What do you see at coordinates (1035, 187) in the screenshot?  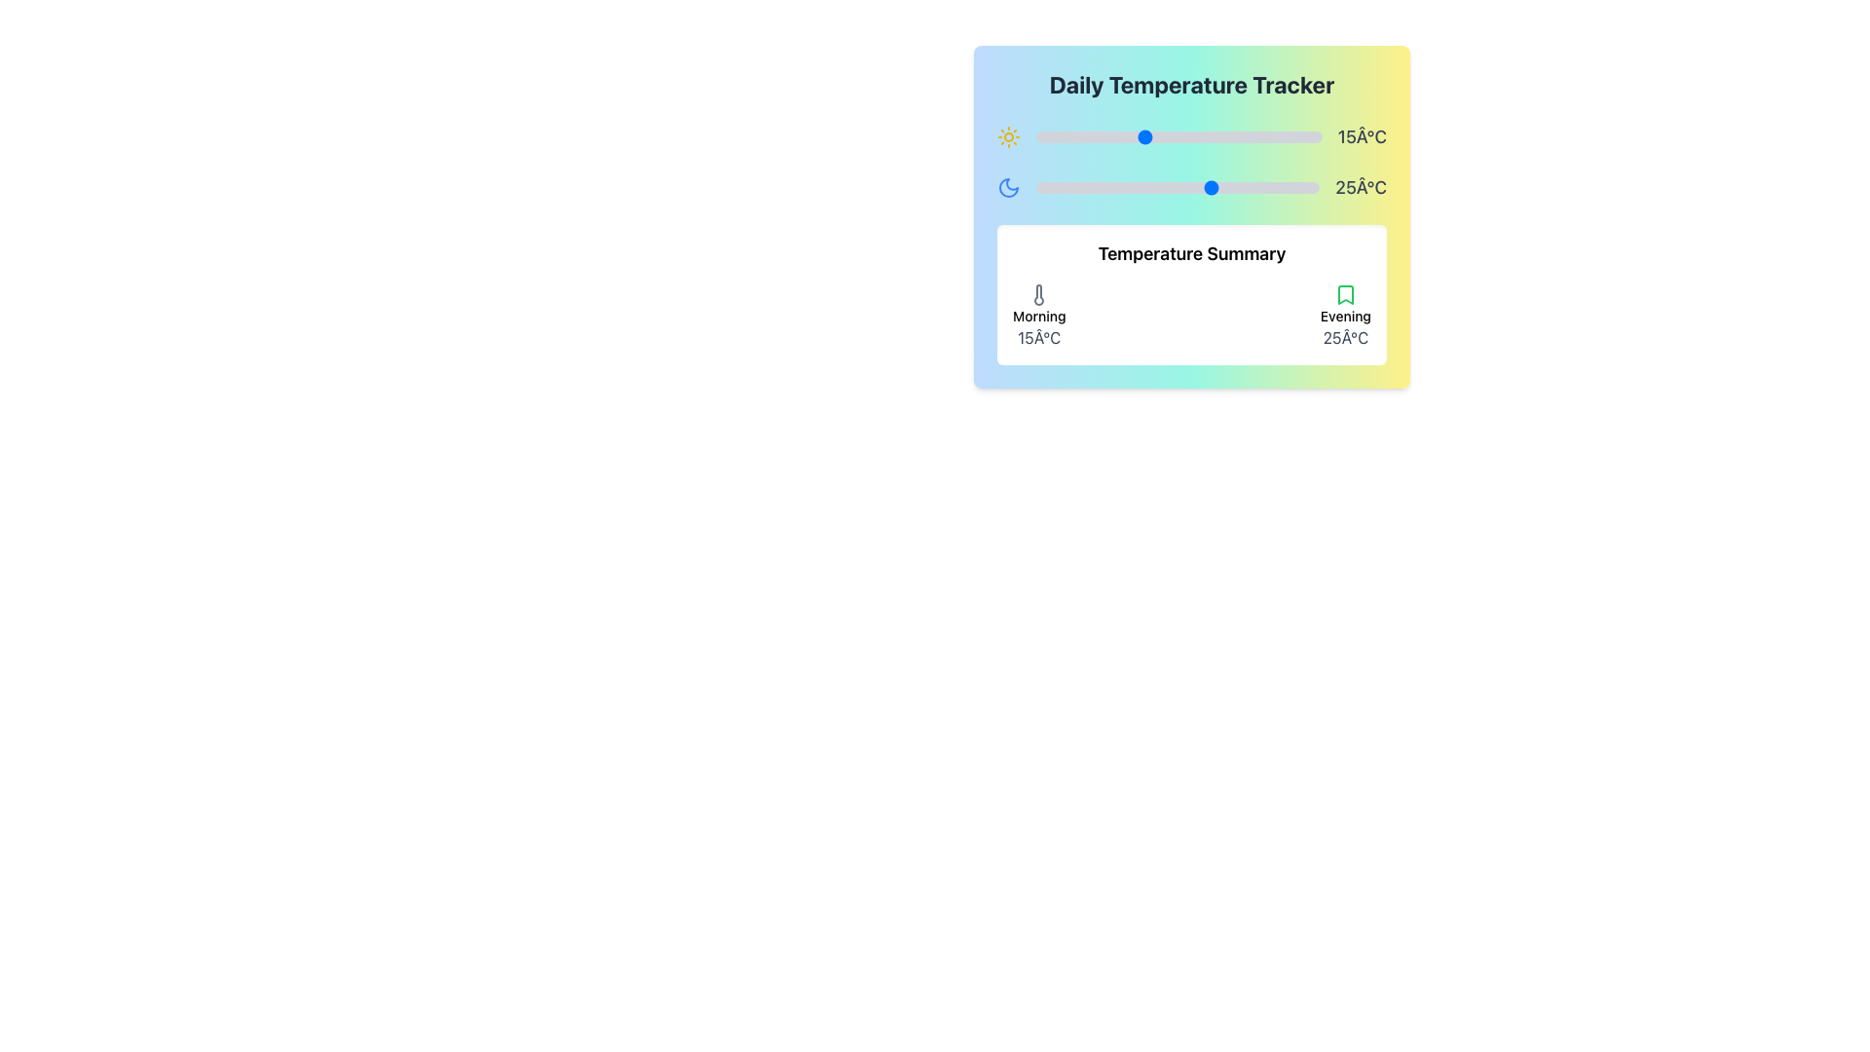 I see `the slider value` at bounding box center [1035, 187].